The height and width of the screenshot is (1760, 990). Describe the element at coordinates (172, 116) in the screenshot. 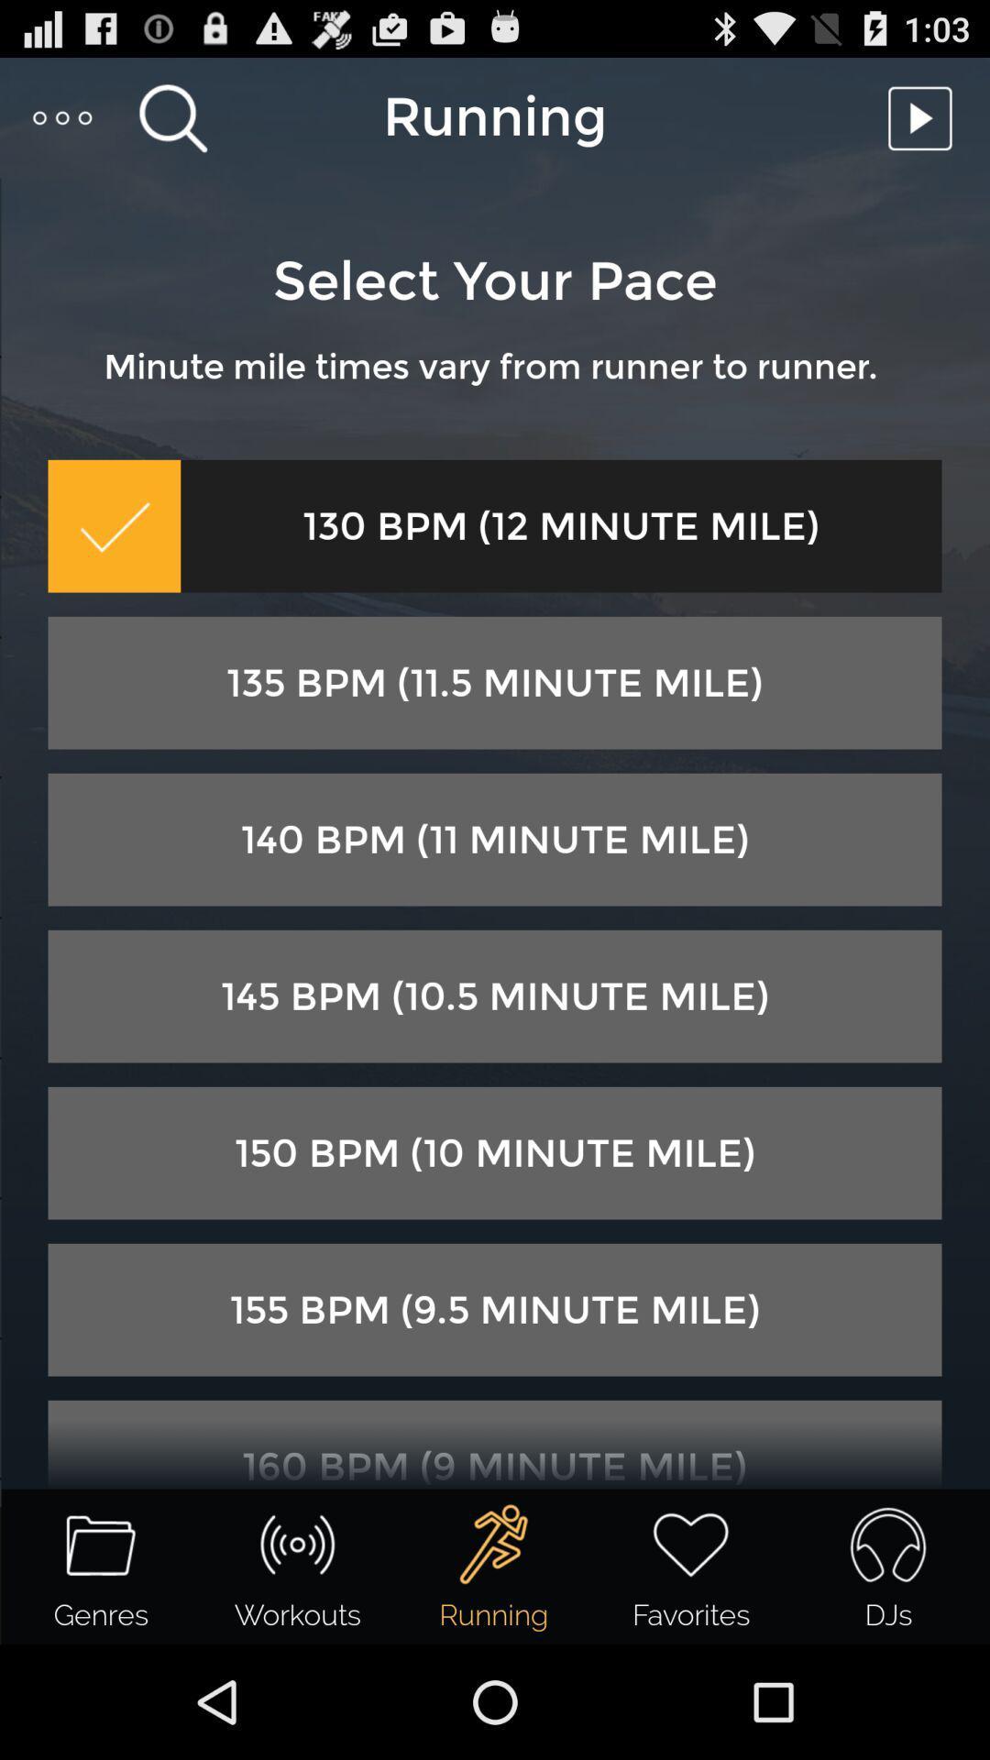

I see `search the page` at that location.